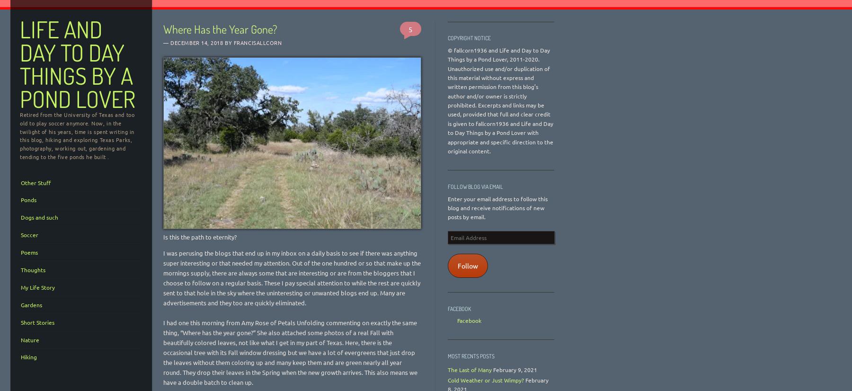 The width and height of the screenshot is (852, 391). What do you see at coordinates (77, 64) in the screenshot?
I see `'Life and Day to Day things by a Pond Lover'` at bounding box center [77, 64].